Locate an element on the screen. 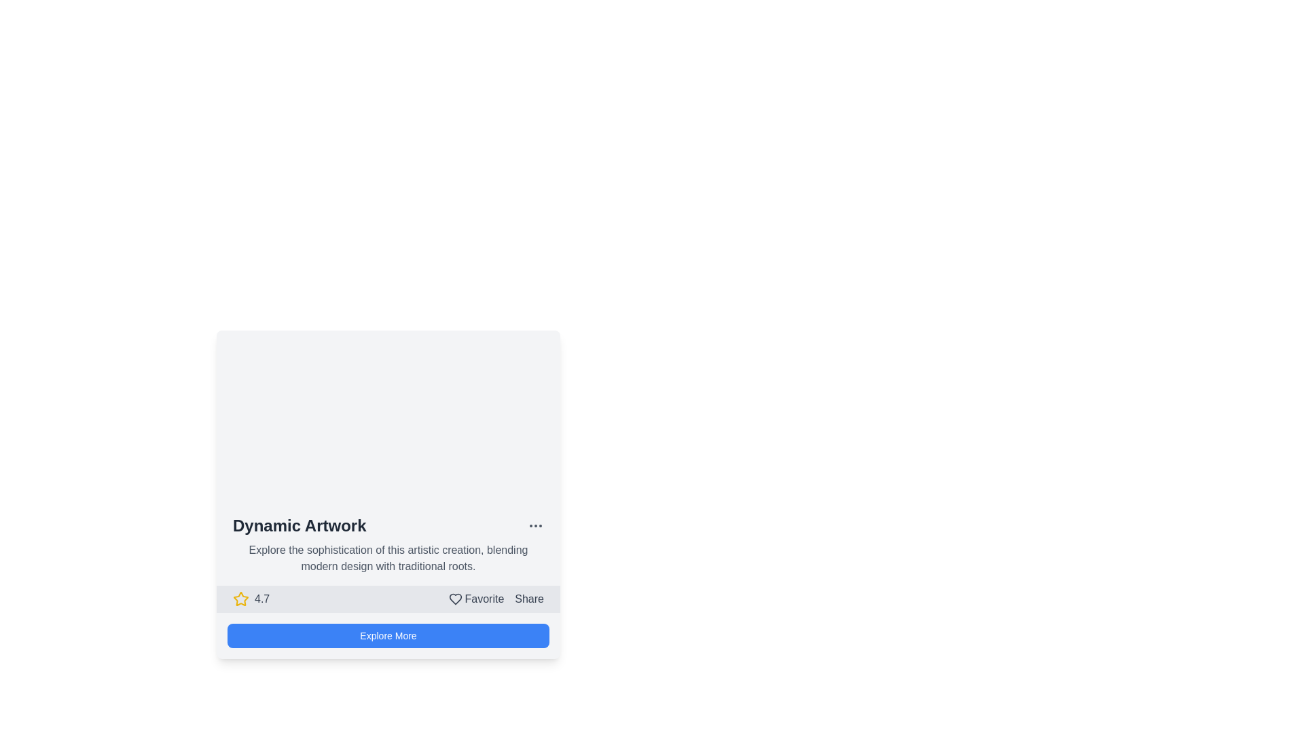 The image size is (1304, 733). the 'Favorite' button, which features a heart-shaped icon and text in gray that turns red on hover, located below the main content card is located at coordinates (476, 599).